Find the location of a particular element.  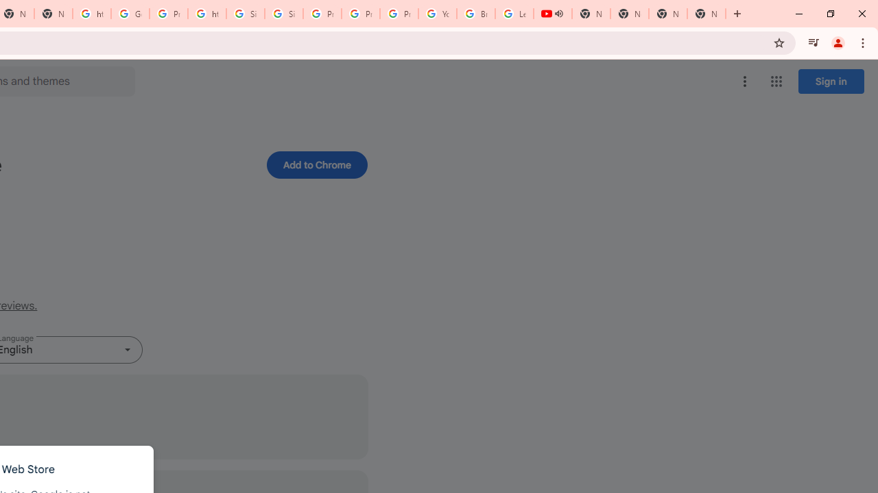

'New Tab' is located at coordinates (668, 14).